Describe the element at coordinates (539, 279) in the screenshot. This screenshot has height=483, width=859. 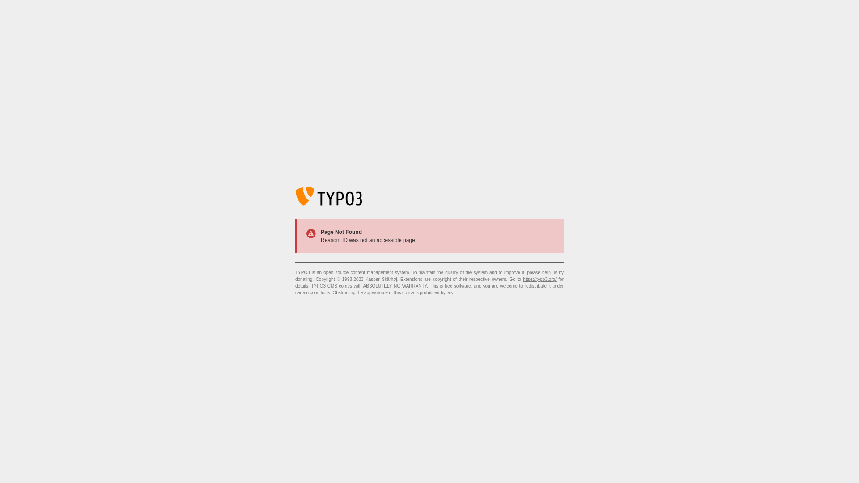
I see `'https://typo3.org/'` at that location.